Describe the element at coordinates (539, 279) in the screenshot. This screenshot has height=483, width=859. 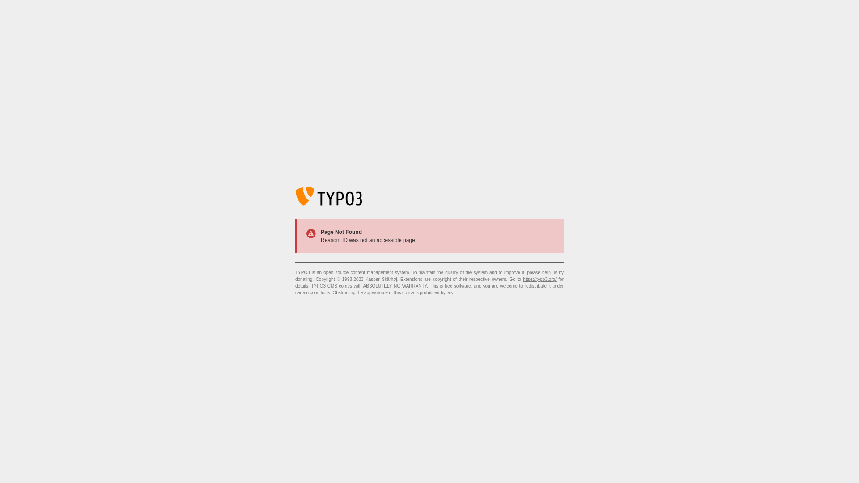
I see `'https://typo3.org/'` at that location.